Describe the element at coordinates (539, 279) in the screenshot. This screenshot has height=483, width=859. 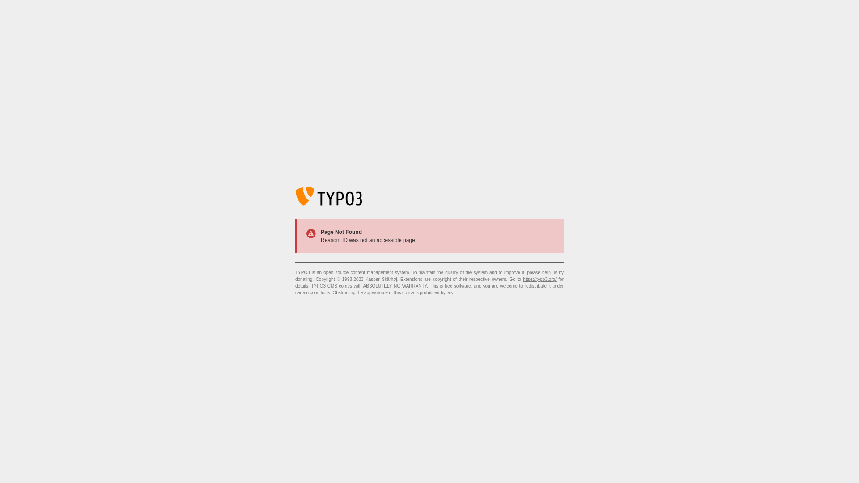
I see `'https://typo3.org/'` at that location.